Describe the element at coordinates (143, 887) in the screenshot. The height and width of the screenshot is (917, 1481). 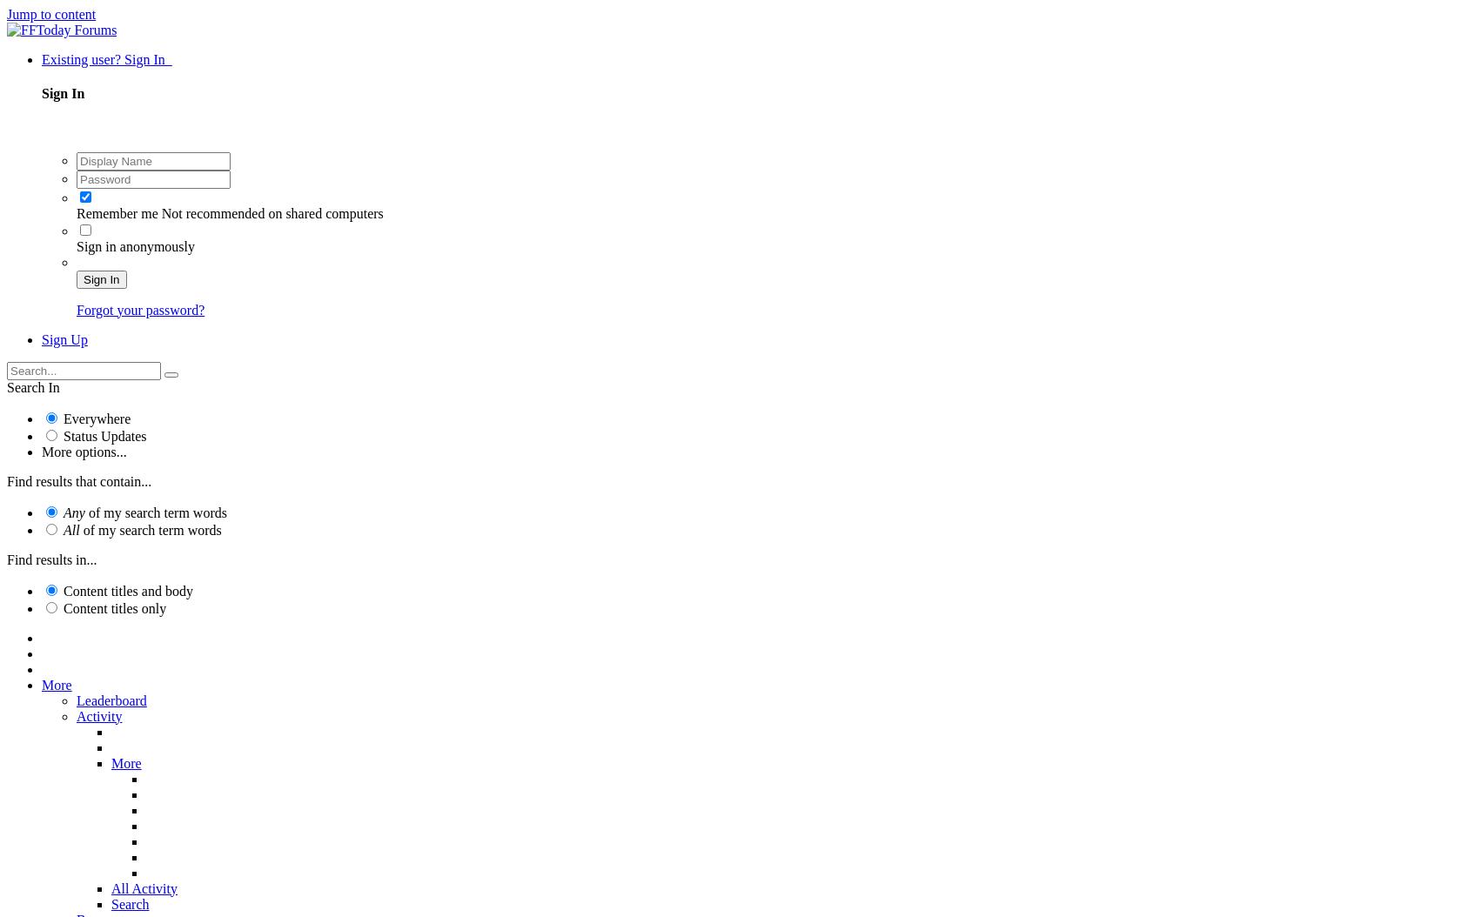
I see `'All Activity'` at that location.